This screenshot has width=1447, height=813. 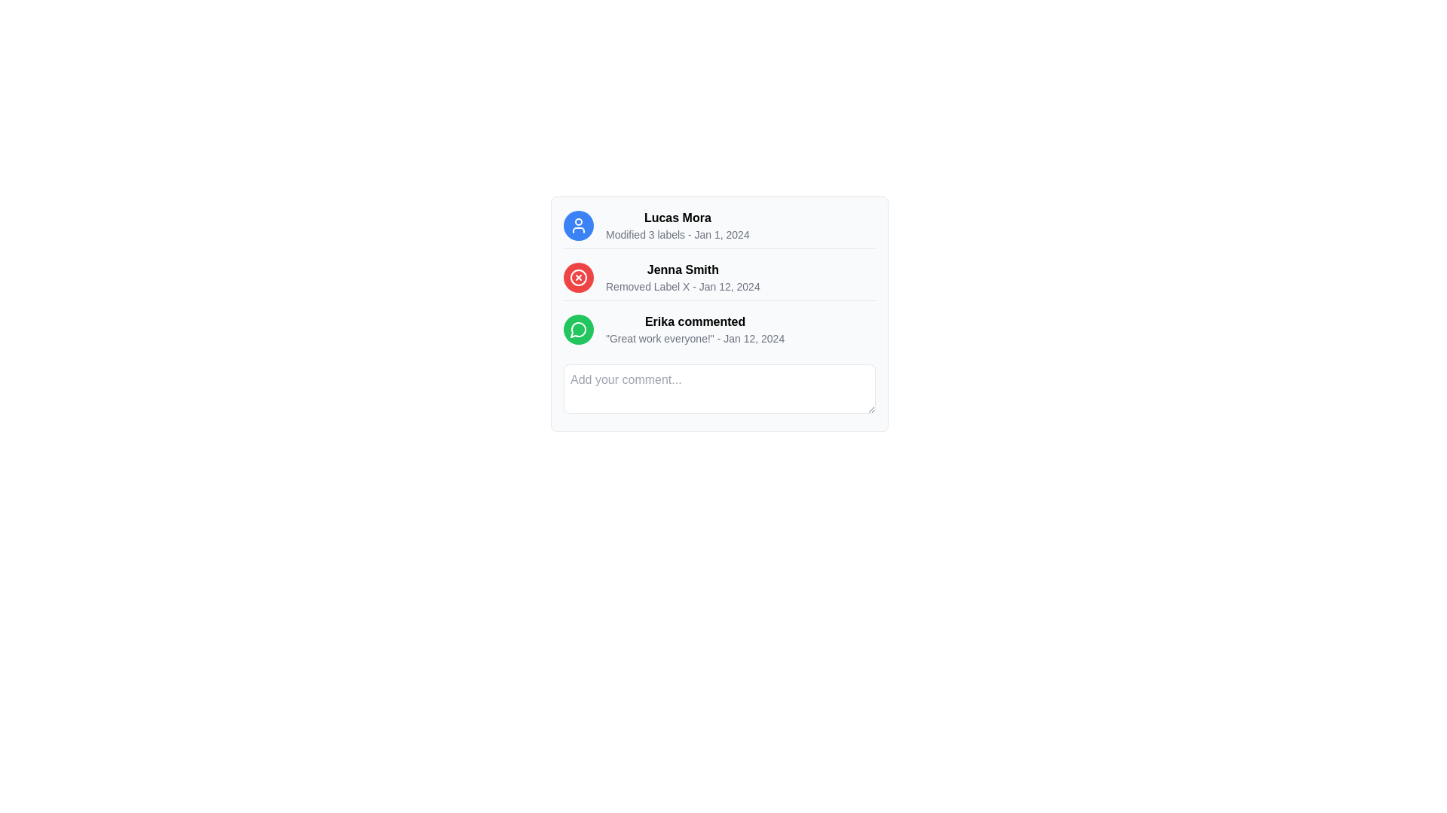 I want to click on the text label located below the bold text 'Erika commented' in the third entry of the comments list, so click(x=694, y=339).